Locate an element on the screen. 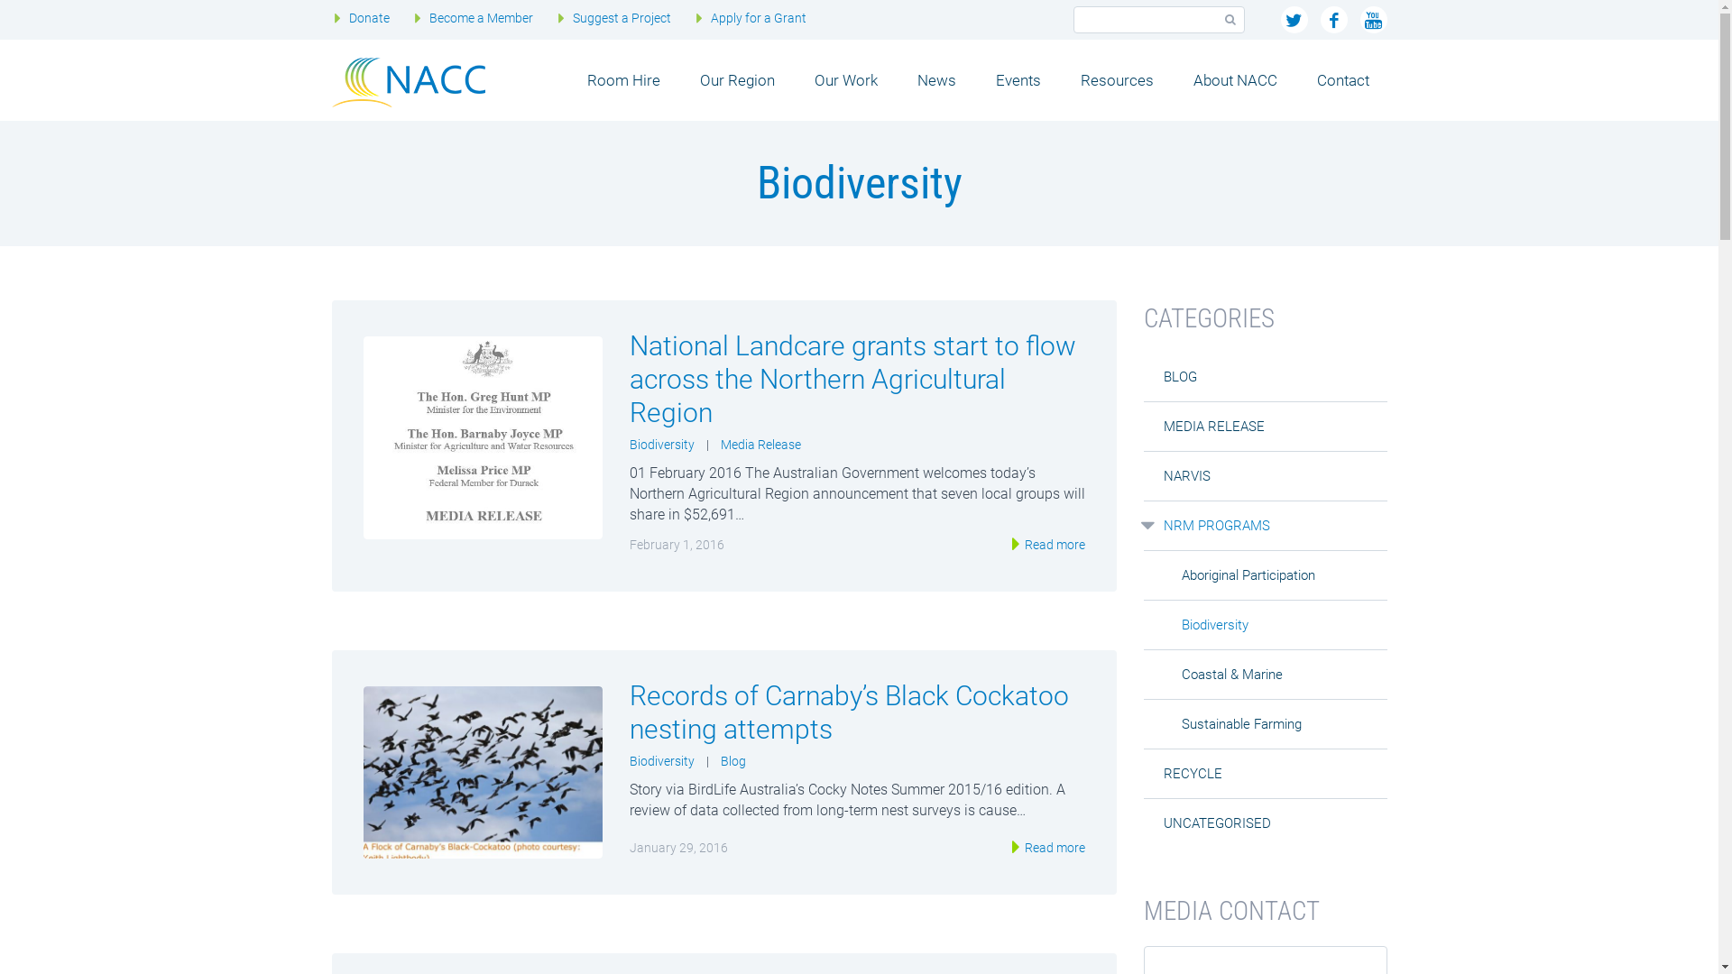  'Media Release' is located at coordinates (760, 445).